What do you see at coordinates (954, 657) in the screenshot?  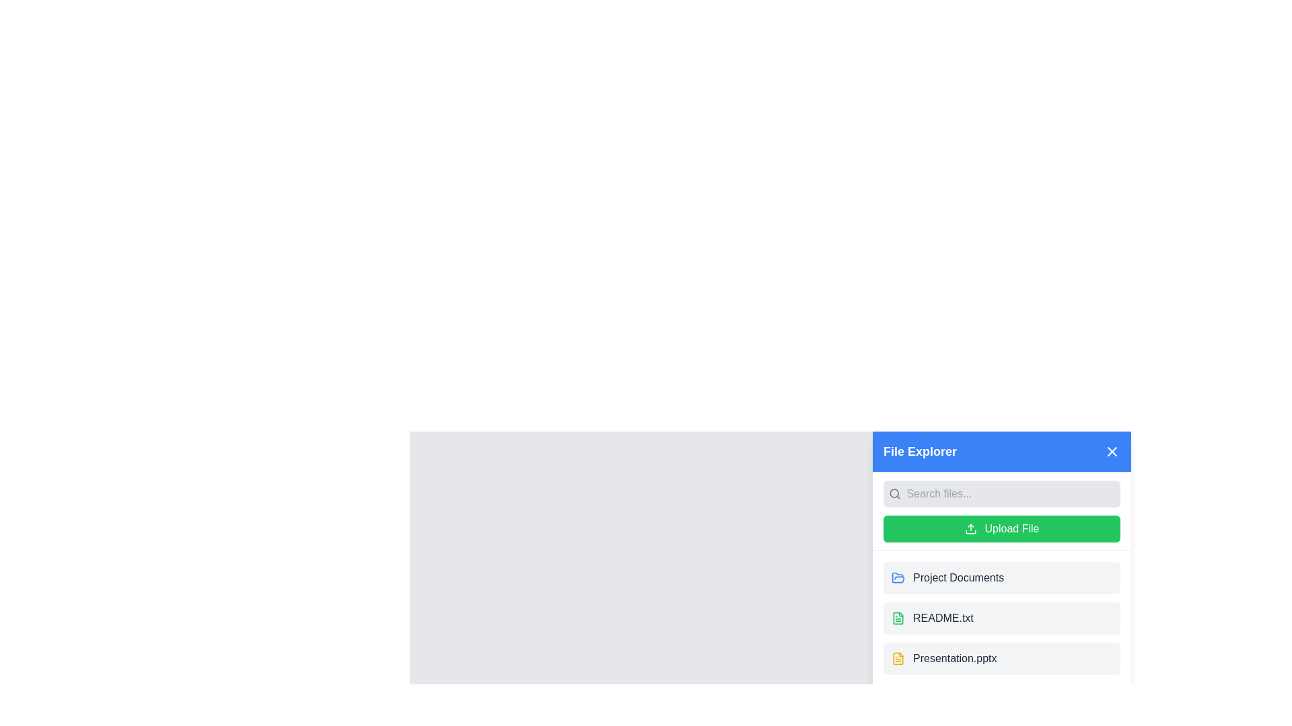 I see `the file item labeled 'Presentation.pptx' in the 'File Explorer' panel` at bounding box center [954, 657].